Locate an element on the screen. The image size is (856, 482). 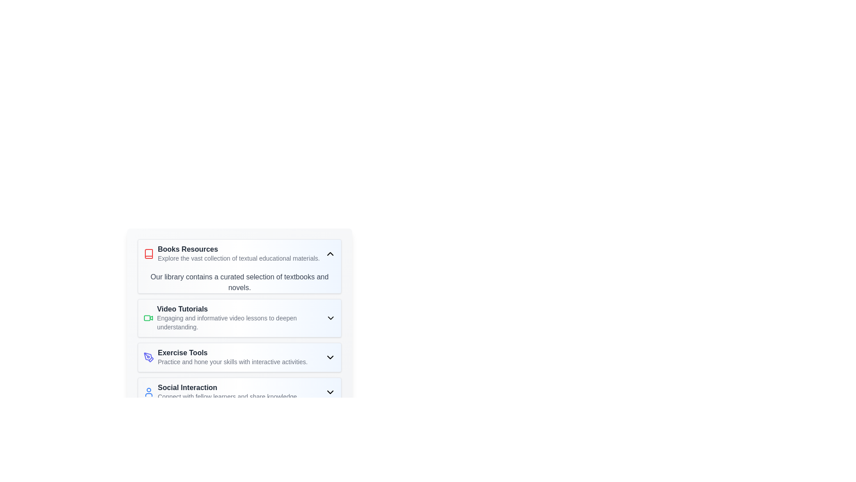
the navigational header for practice activities, which is the third section in the vertical list is located at coordinates (226, 357).